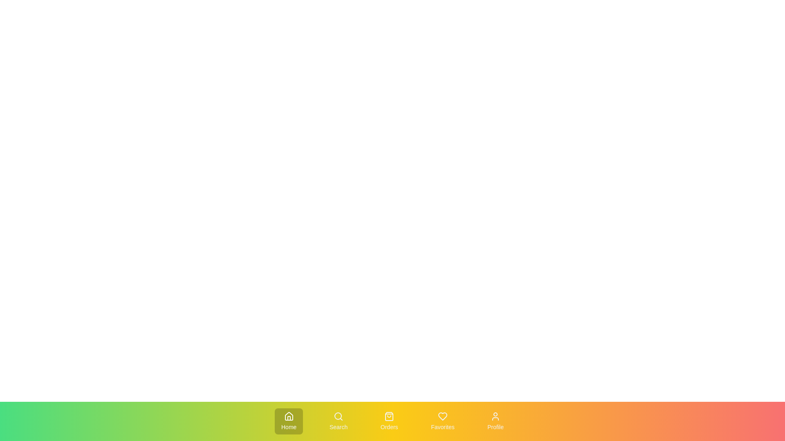 This screenshot has width=785, height=441. I want to click on the Search tab to activate it, so click(339, 421).